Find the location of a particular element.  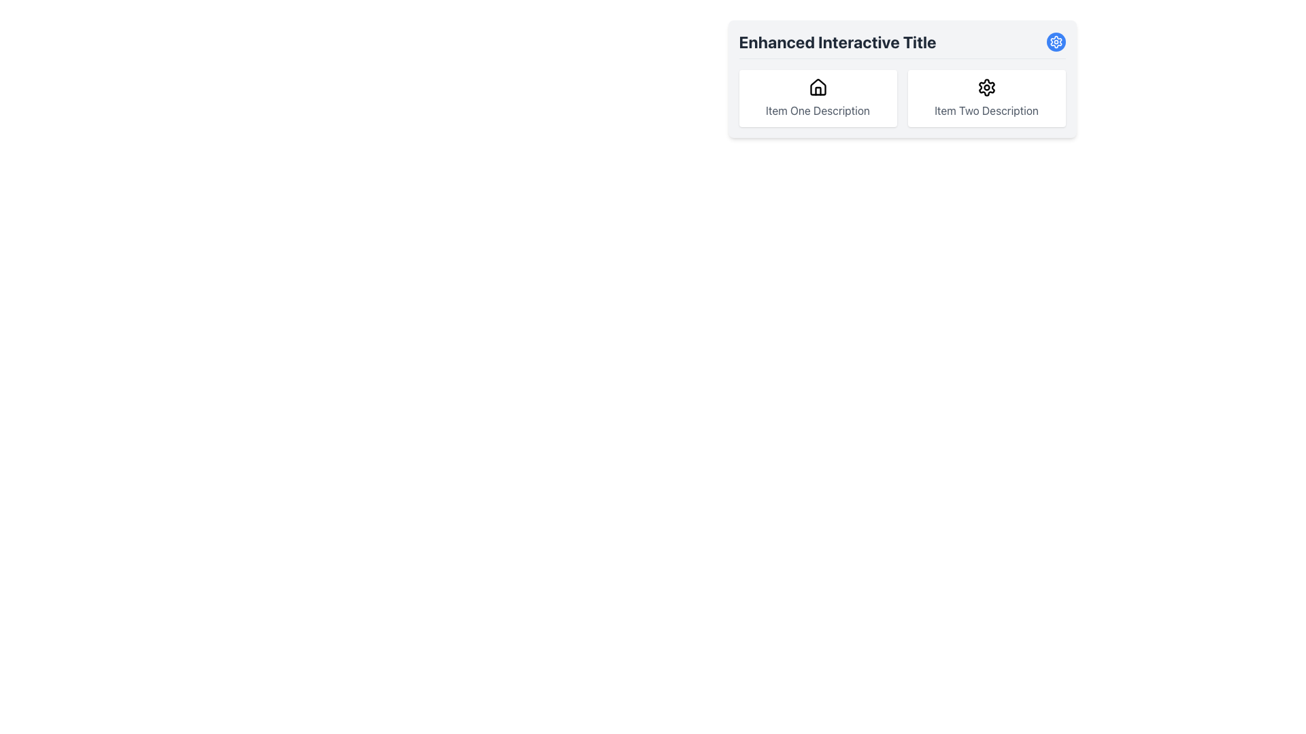

the icon button located on the far right side of the top bar within the 'Enhanced Interactive Title' card is located at coordinates (986, 87).